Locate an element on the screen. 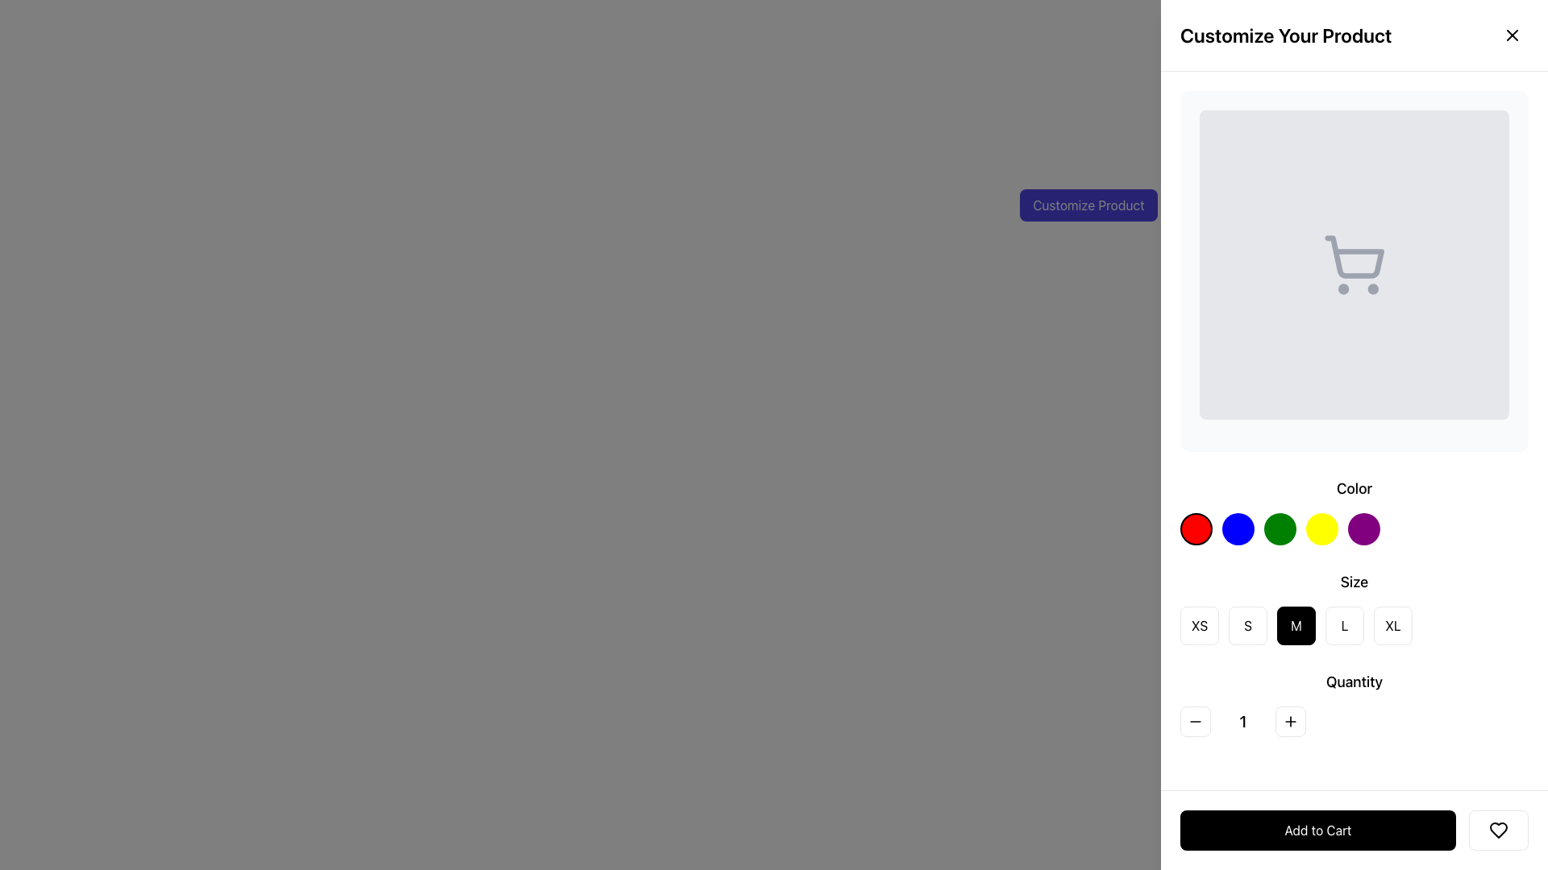 This screenshot has height=870, width=1548. the section label indicating size selection options for the product, which is positioned at the top of the size selection buttons in the product customization sidebar is located at coordinates (1354, 582).